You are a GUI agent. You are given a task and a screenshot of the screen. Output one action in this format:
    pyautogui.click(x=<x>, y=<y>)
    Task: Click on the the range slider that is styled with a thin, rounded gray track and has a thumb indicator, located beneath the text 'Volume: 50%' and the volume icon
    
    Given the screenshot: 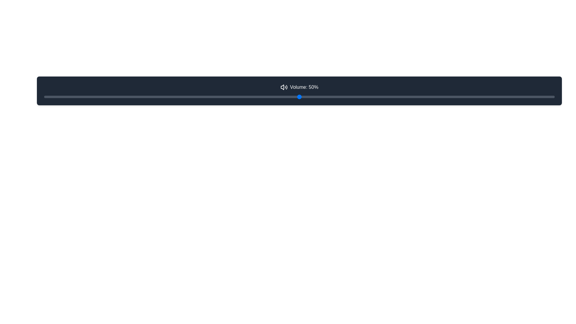 What is the action you would take?
    pyautogui.click(x=299, y=97)
    